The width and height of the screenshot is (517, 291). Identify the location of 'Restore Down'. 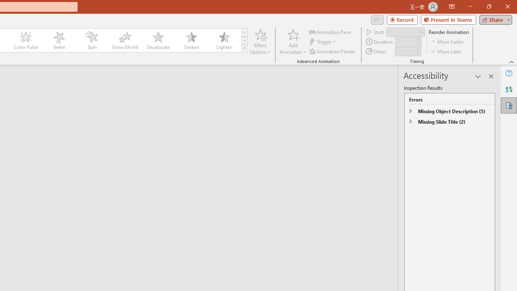
(488, 6).